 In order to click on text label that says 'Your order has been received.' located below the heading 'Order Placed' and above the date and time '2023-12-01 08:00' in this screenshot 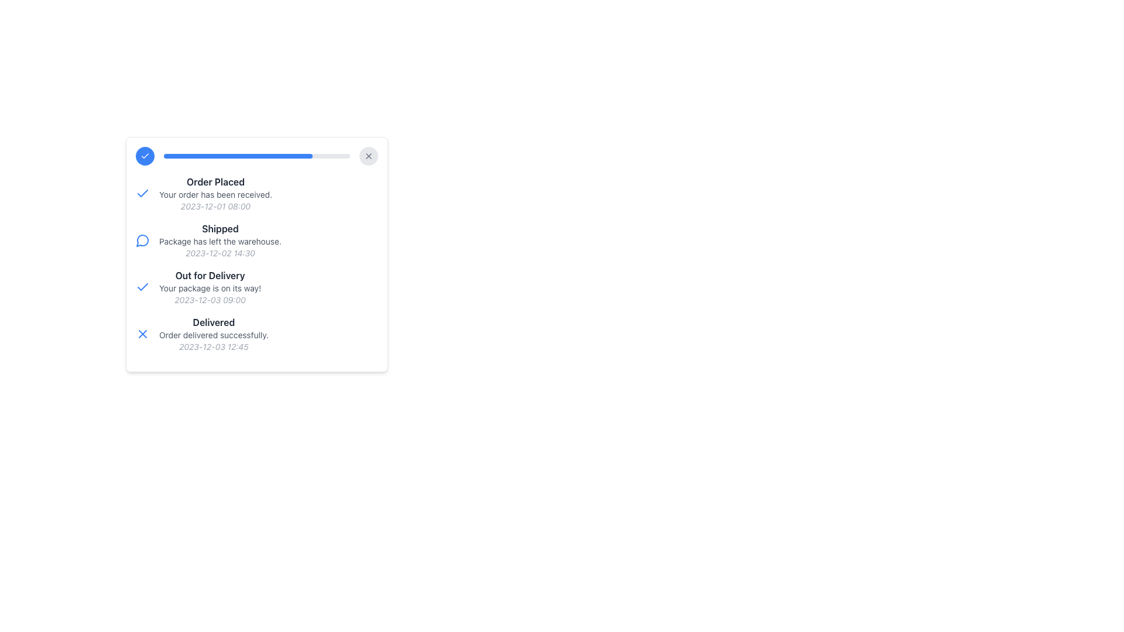, I will do `click(215, 194)`.